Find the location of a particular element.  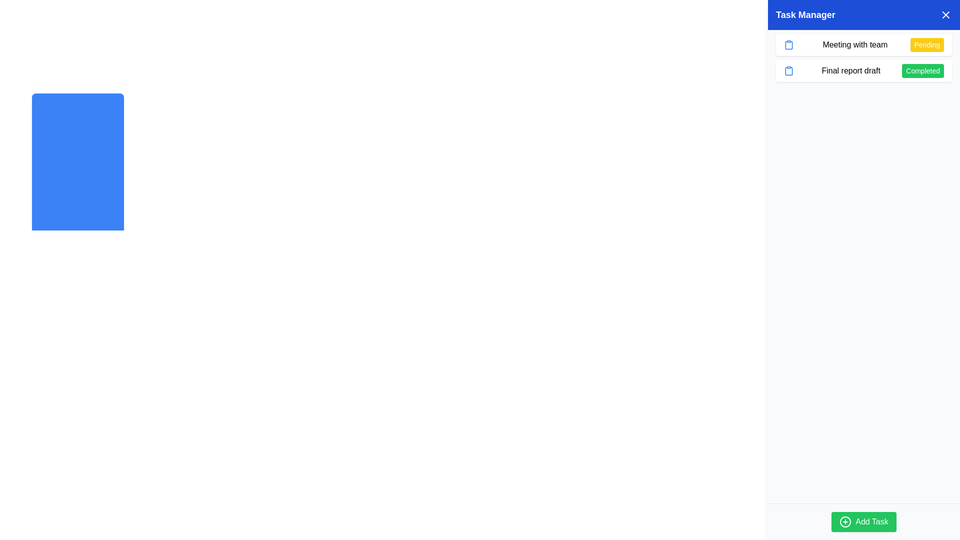

the Status Indicator button labeled 'Completed' with a green background, located is located at coordinates (922, 70).